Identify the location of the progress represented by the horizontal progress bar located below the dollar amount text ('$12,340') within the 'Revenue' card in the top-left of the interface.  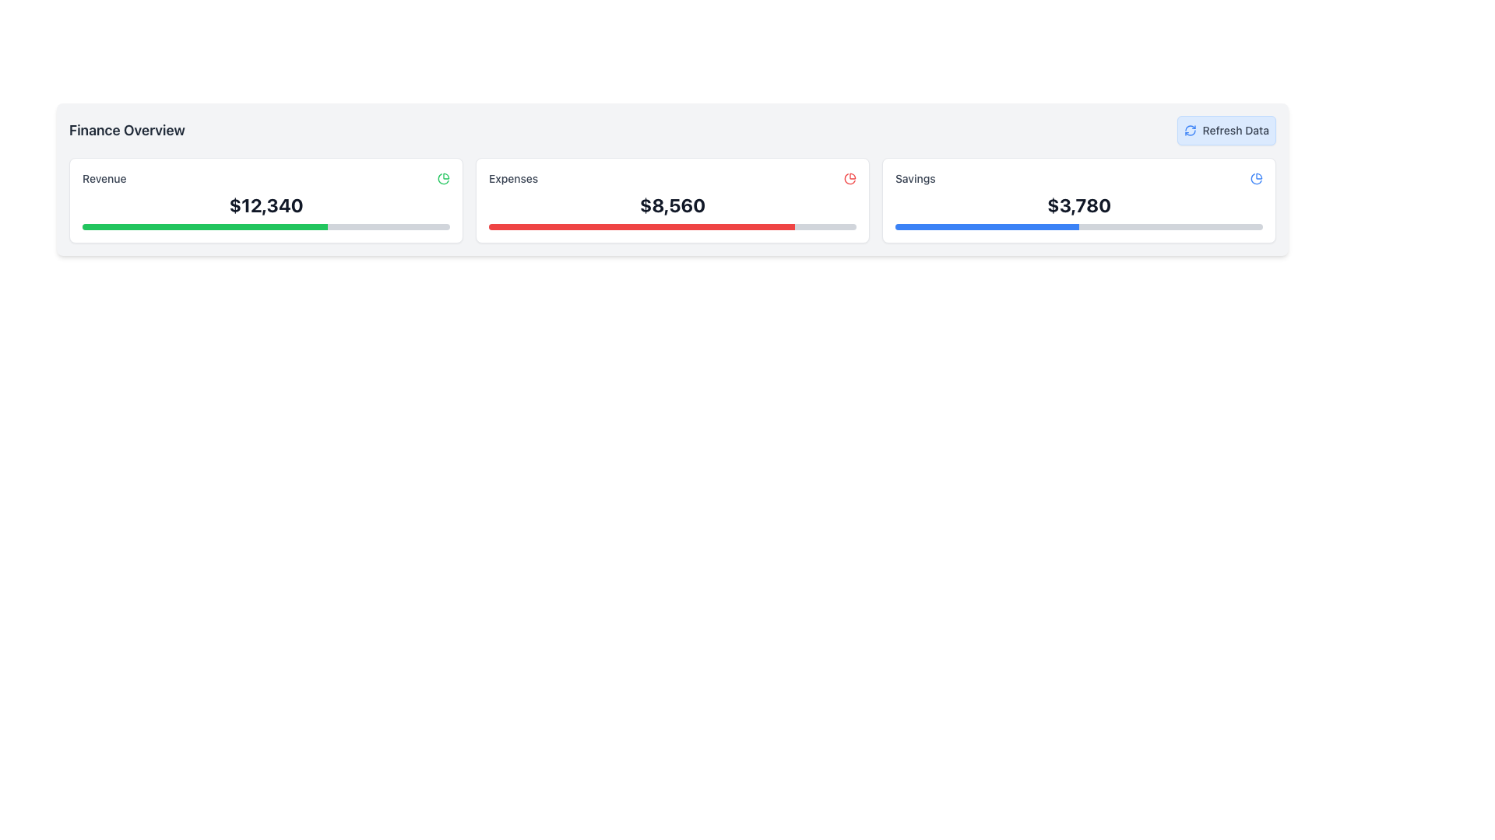
(266, 227).